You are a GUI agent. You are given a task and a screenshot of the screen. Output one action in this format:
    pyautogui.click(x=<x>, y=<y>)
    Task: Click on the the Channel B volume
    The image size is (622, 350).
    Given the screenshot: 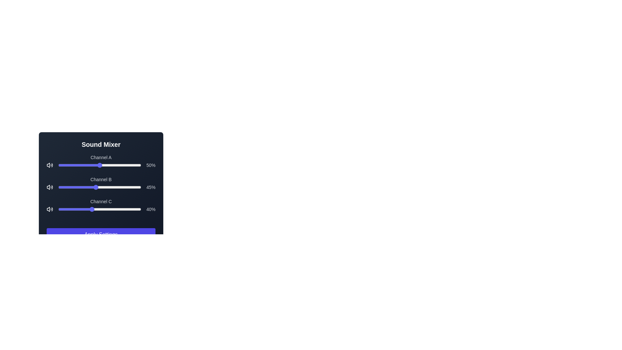 What is the action you would take?
    pyautogui.click(x=80, y=187)
    